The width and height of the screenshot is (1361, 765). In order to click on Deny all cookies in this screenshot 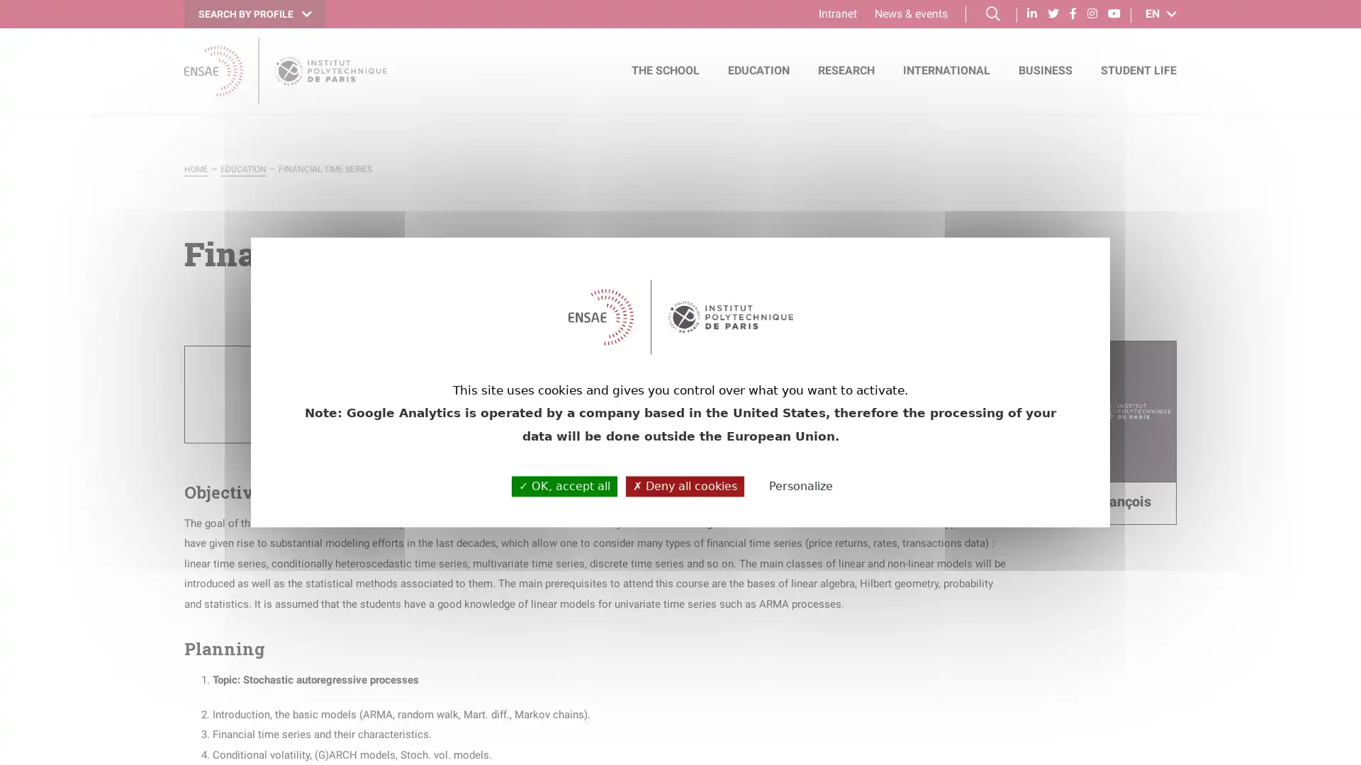, I will do `click(685, 485)`.